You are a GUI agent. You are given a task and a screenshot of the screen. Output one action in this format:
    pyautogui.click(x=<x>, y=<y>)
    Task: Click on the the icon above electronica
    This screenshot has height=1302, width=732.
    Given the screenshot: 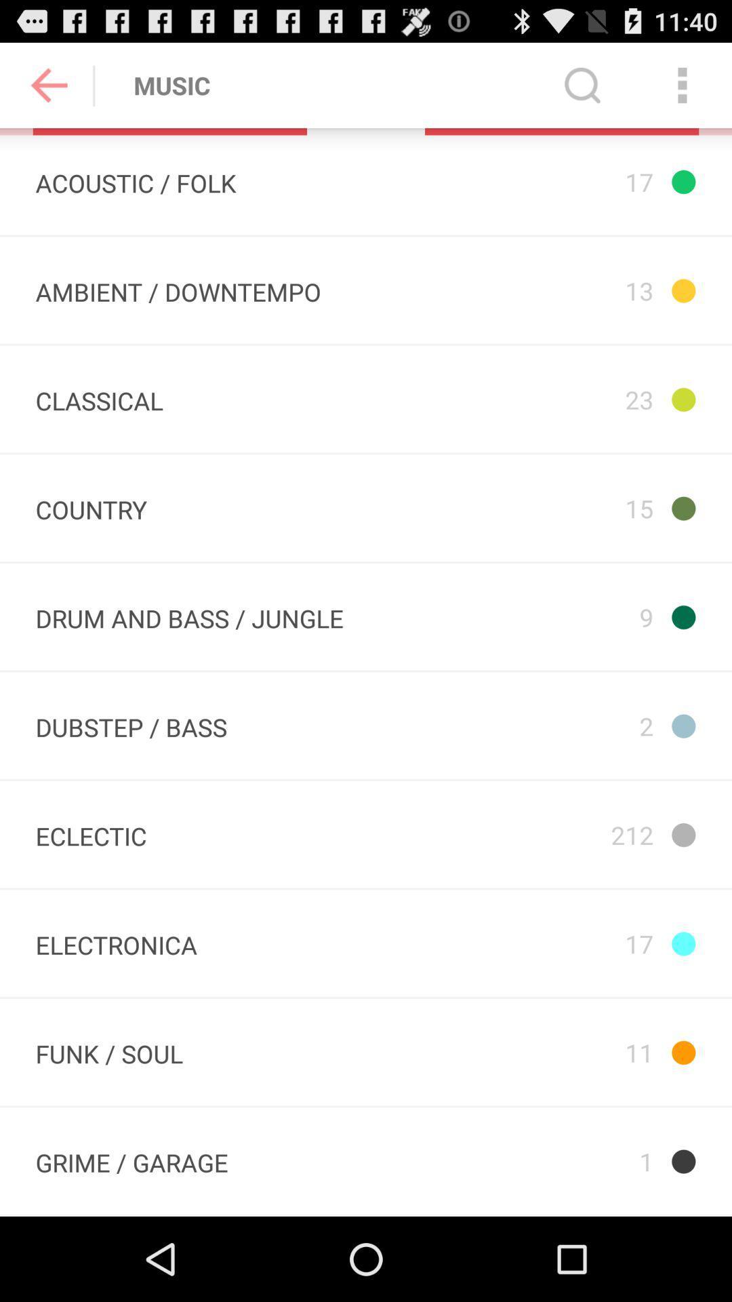 What is the action you would take?
    pyautogui.click(x=91, y=833)
    